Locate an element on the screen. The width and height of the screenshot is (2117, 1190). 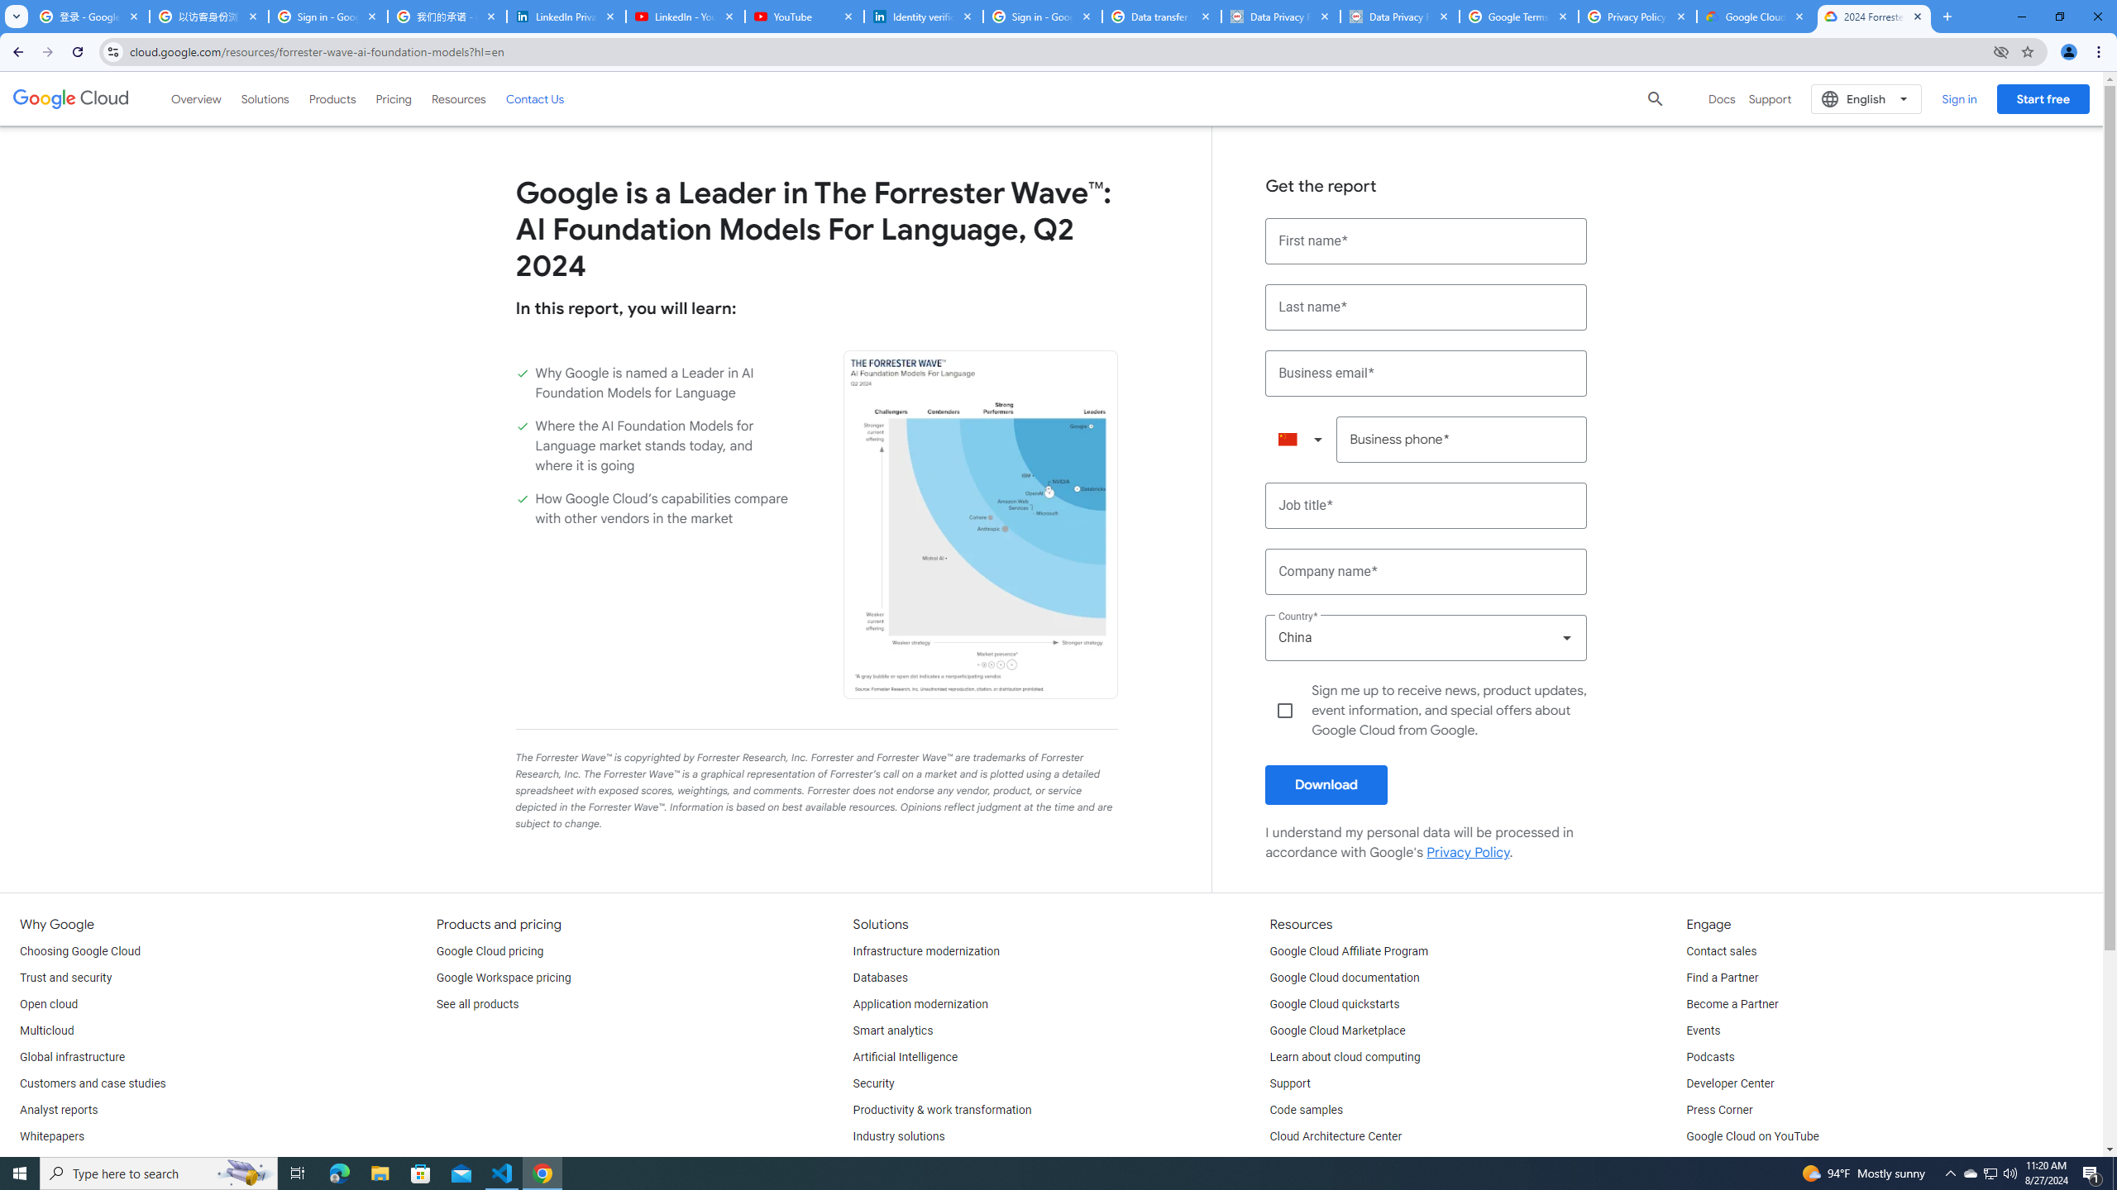
'Data Privacy Framework' is located at coordinates (1399, 16).